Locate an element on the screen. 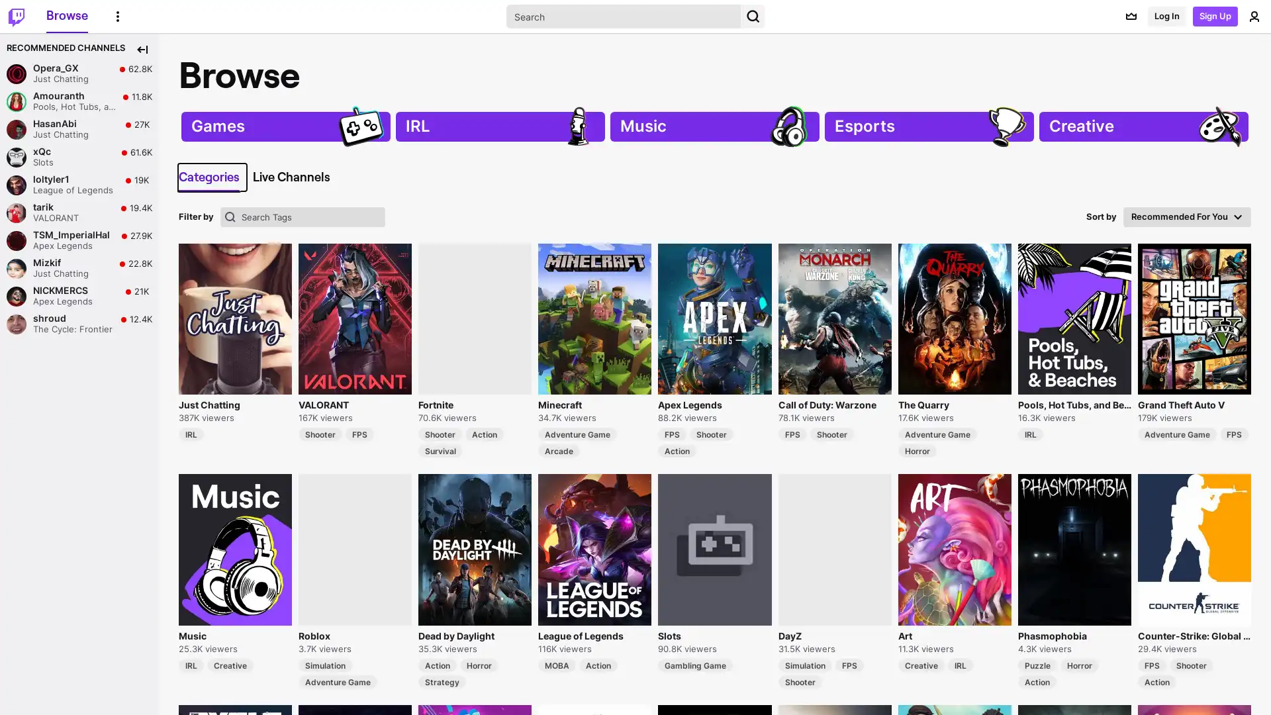 This screenshot has width=1271, height=715. Creative is located at coordinates (920, 665).